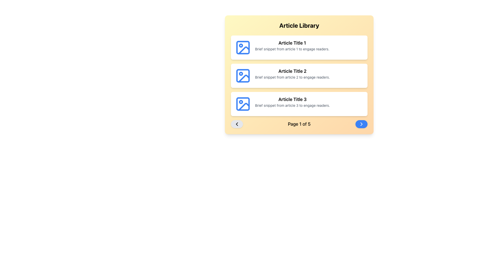 Image resolution: width=483 pixels, height=272 pixels. Describe the element at coordinates (244, 50) in the screenshot. I see `the curving line icon segment that resembles the edge of a triangular shape in the top-left icon of the 'Article Title 1' section` at that location.